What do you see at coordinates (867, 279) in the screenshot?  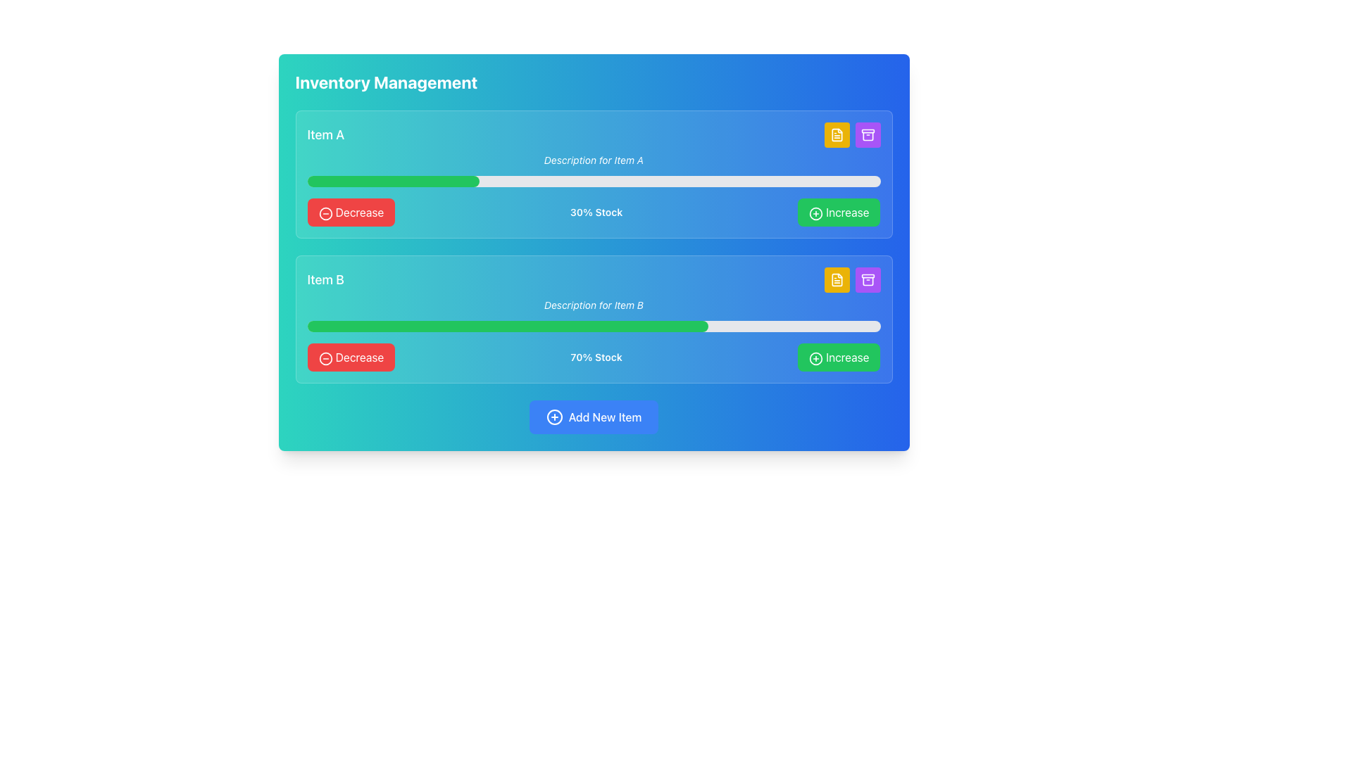 I see `the small square button with a purple background and rounded border containing an archive icon, located in the bottom-right corner of the interface within 'Item B'` at bounding box center [867, 279].